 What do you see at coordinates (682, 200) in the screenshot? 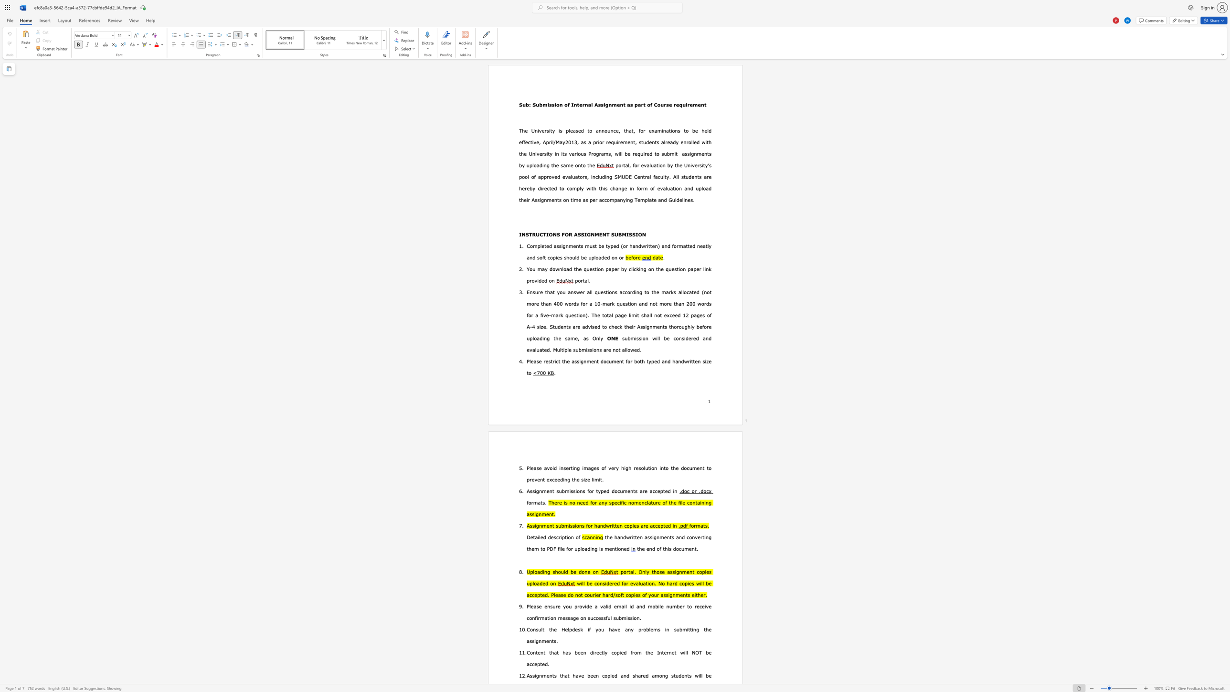
I see `the subset text "lines" within the text "plate and Guidelines"` at bounding box center [682, 200].